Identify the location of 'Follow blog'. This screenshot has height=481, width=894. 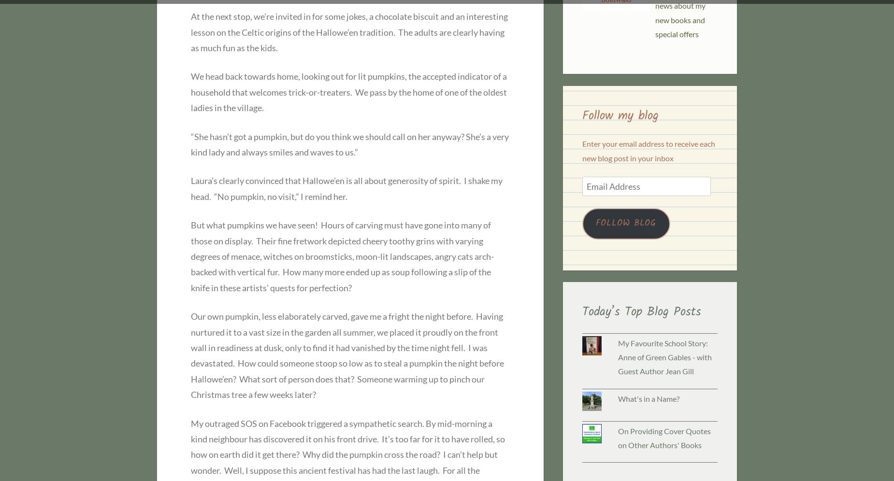
(595, 222).